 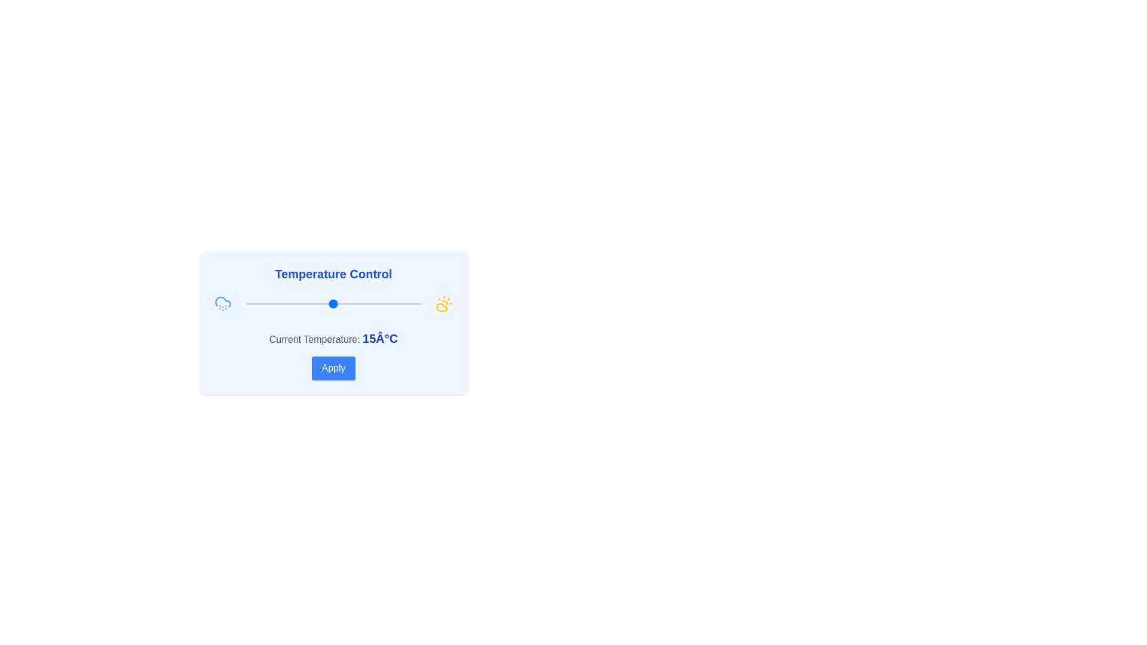 What do you see at coordinates (333, 303) in the screenshot?
I see `the temperature to 15°C using the slider` at bounding box center [333, 303].